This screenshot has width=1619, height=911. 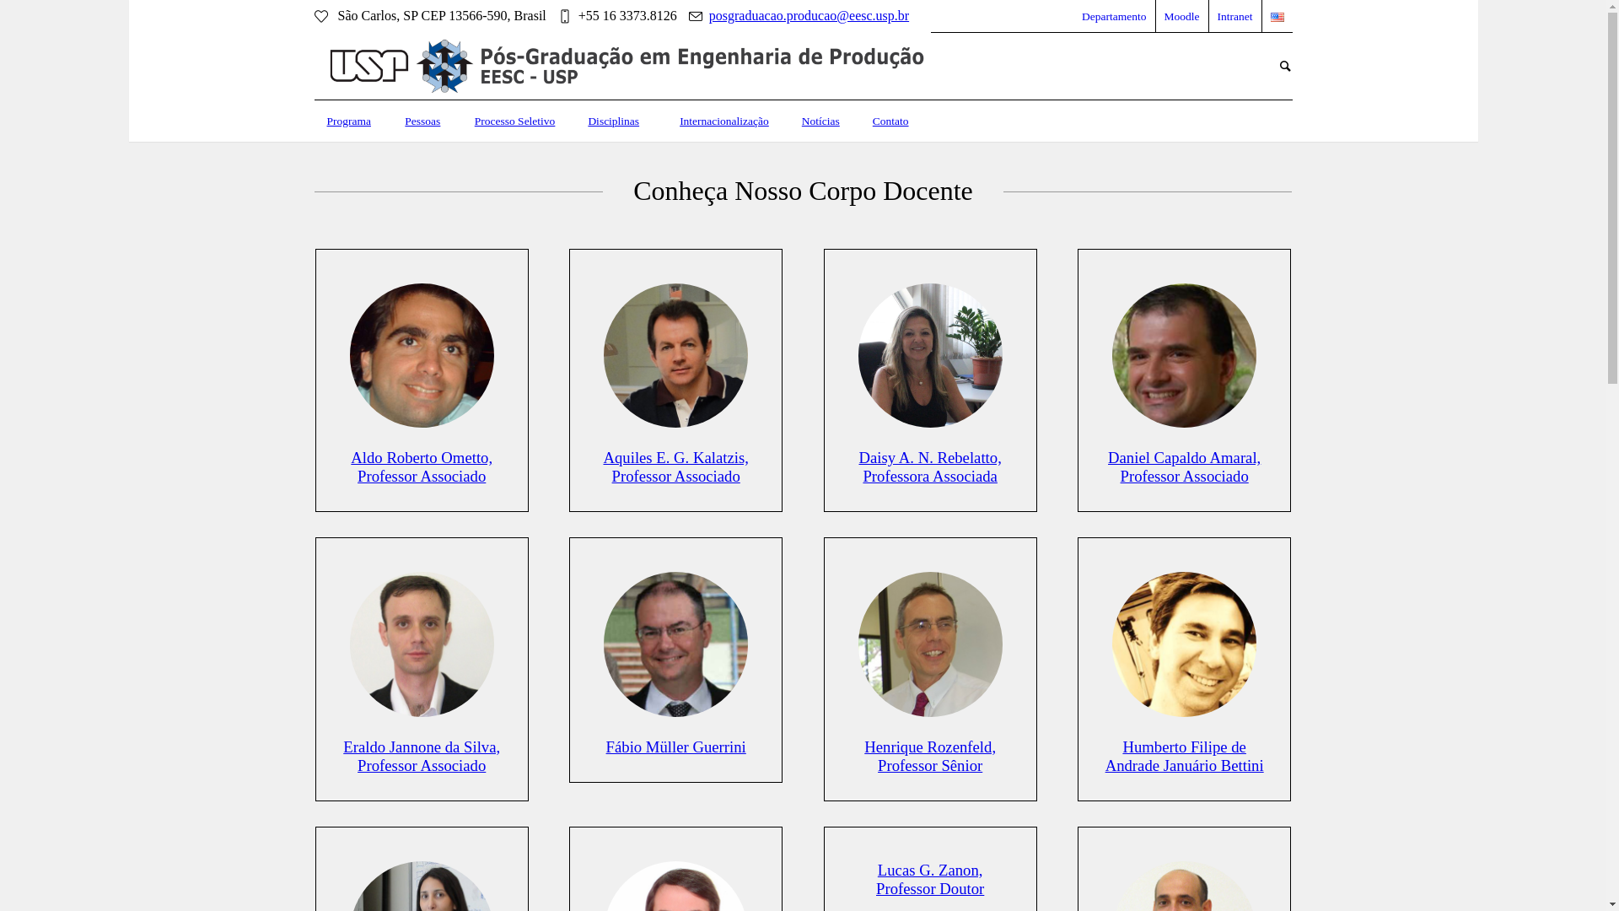 I want to click on 'Contato', so click(x=890, y=120).